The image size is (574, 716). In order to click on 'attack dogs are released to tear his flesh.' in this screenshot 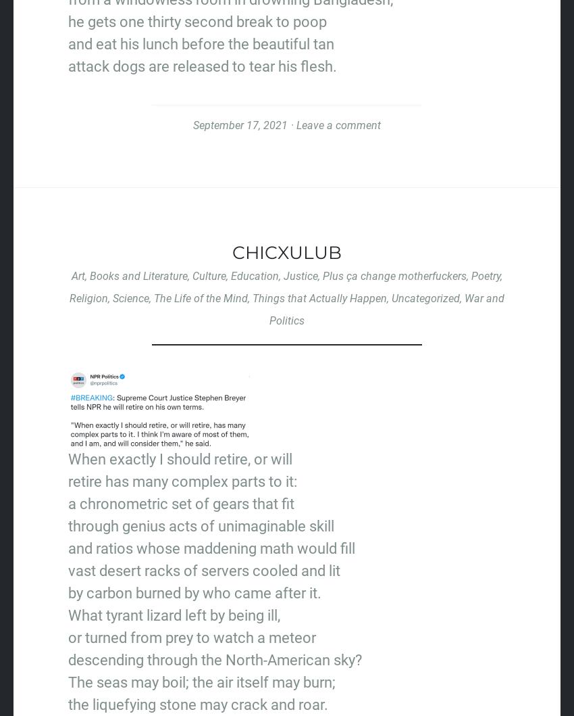, I will do `click(202, 66)`.